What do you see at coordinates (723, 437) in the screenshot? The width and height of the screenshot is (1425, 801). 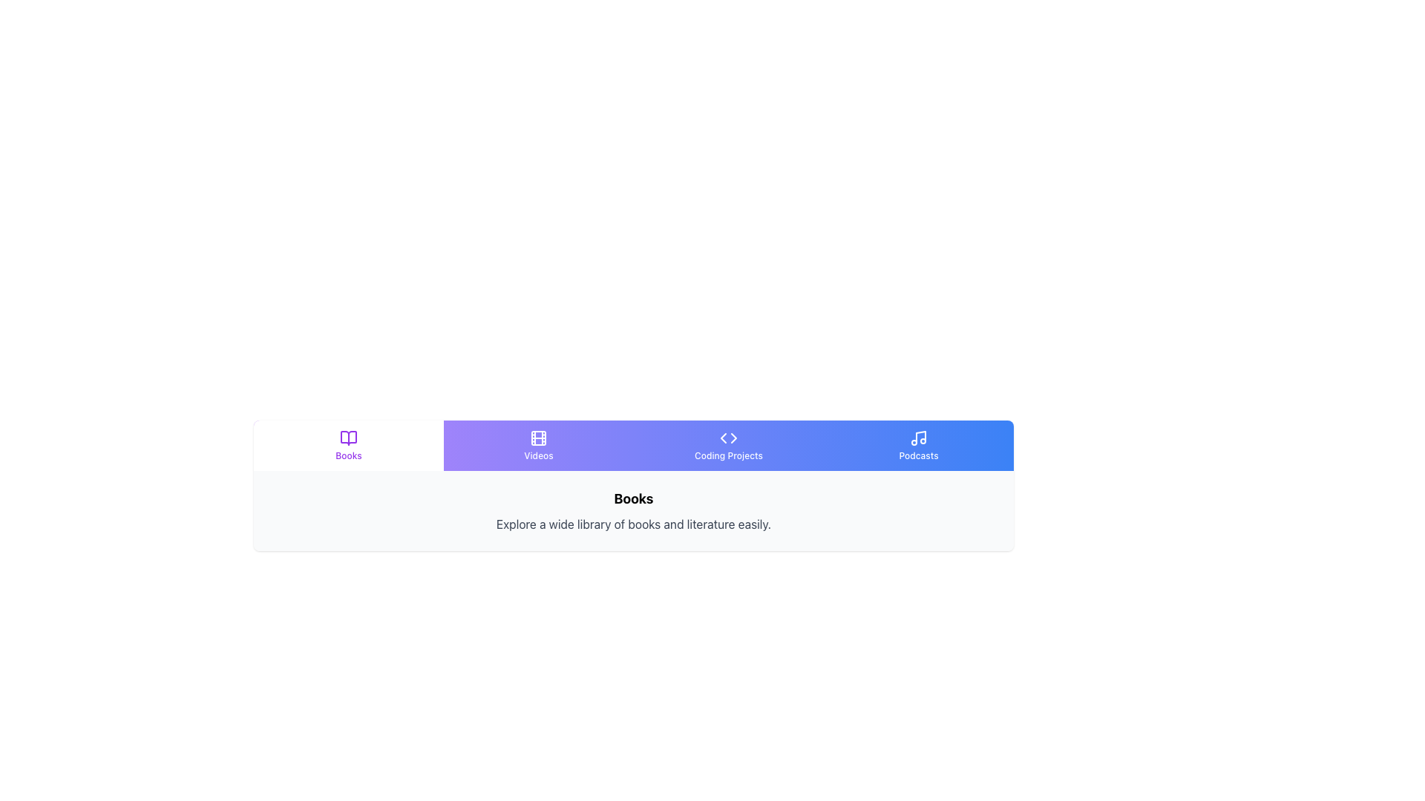 I see `the left triangle of the dual-arrow icon located in the central tab labeled 'Coding Projects'` at bounding box center [723, 437].